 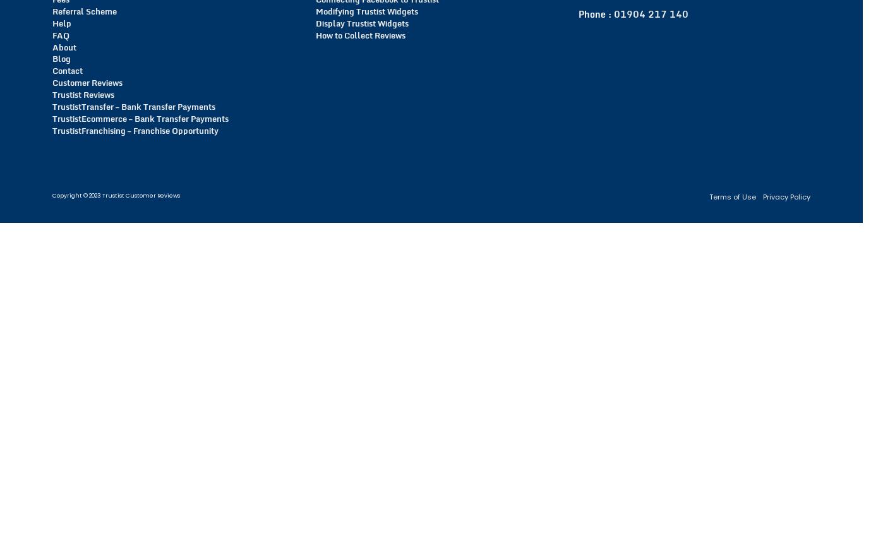 What do you see at coordinates (88, 293) in the screenshot?
I see `'of 450 Customer Reviews'` at bounding box center [88, 293].